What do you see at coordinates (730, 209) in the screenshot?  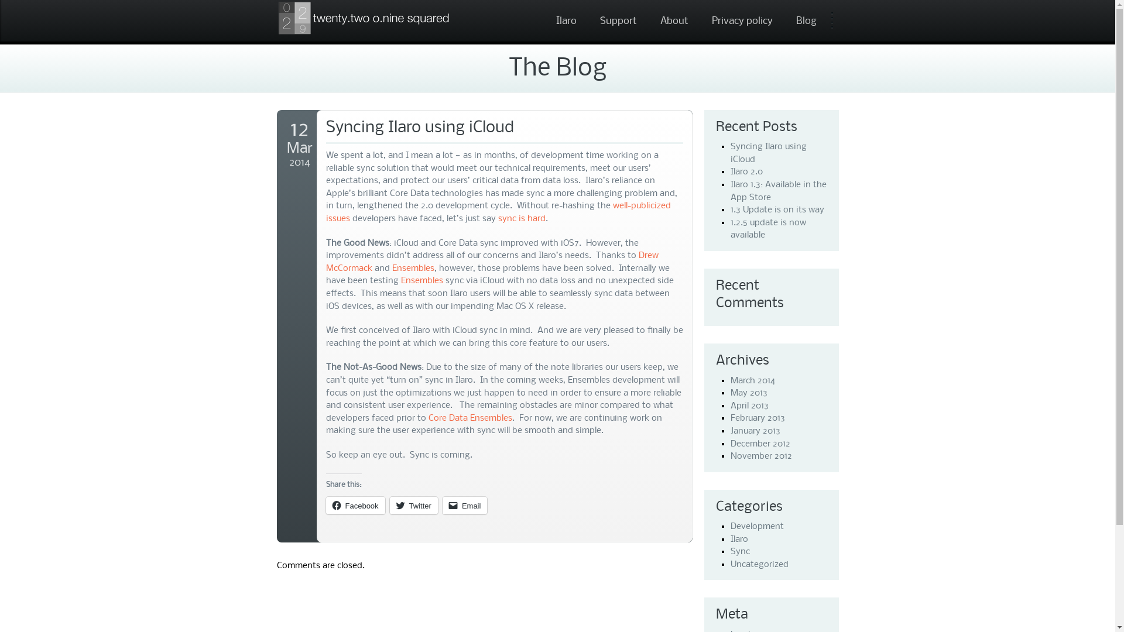 I see `'1.3 Update is on its way'` at bounding box center [730, 209].